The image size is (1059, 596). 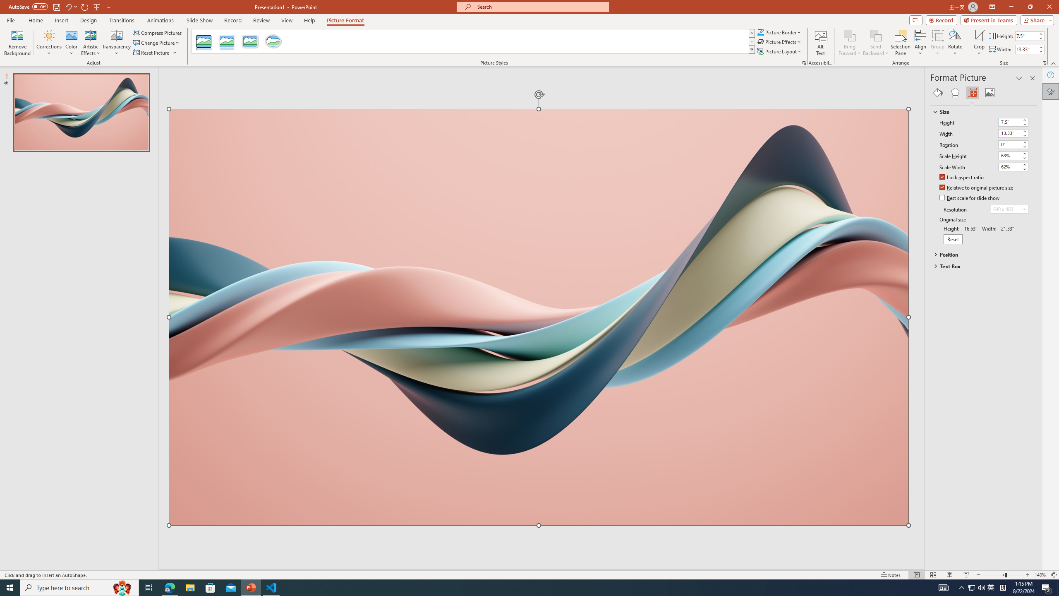 I want to click on 'Scale Width', so click(x=1013, y=166).